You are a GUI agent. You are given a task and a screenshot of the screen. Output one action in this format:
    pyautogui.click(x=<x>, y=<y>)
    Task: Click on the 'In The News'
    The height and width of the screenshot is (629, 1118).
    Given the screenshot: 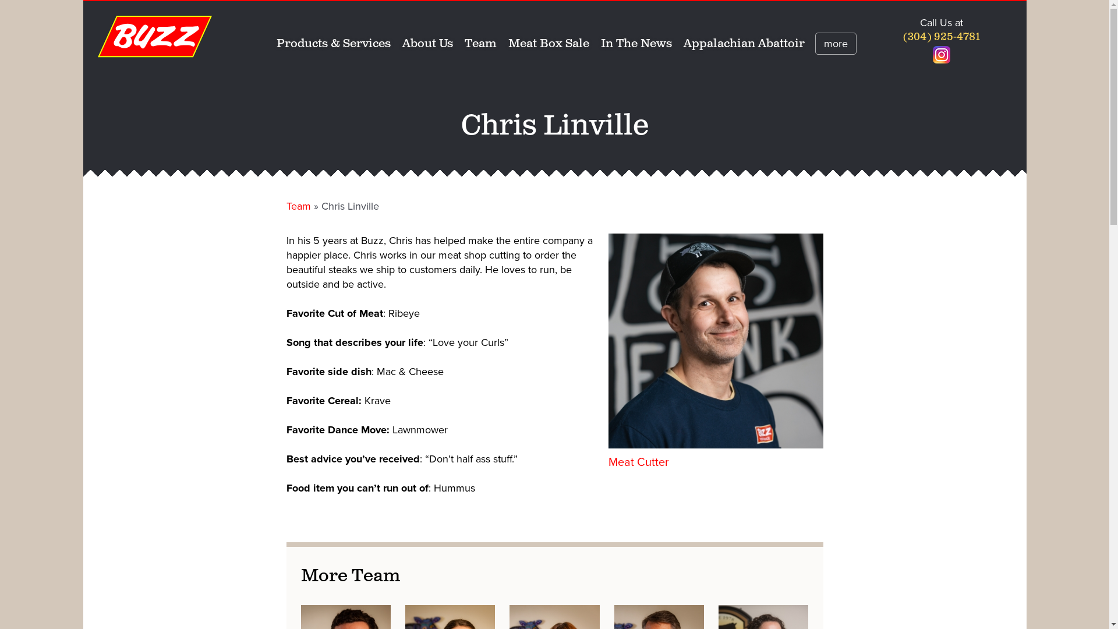 What is the action you would take?
    pyautogui.click(x=636, y=44)
    